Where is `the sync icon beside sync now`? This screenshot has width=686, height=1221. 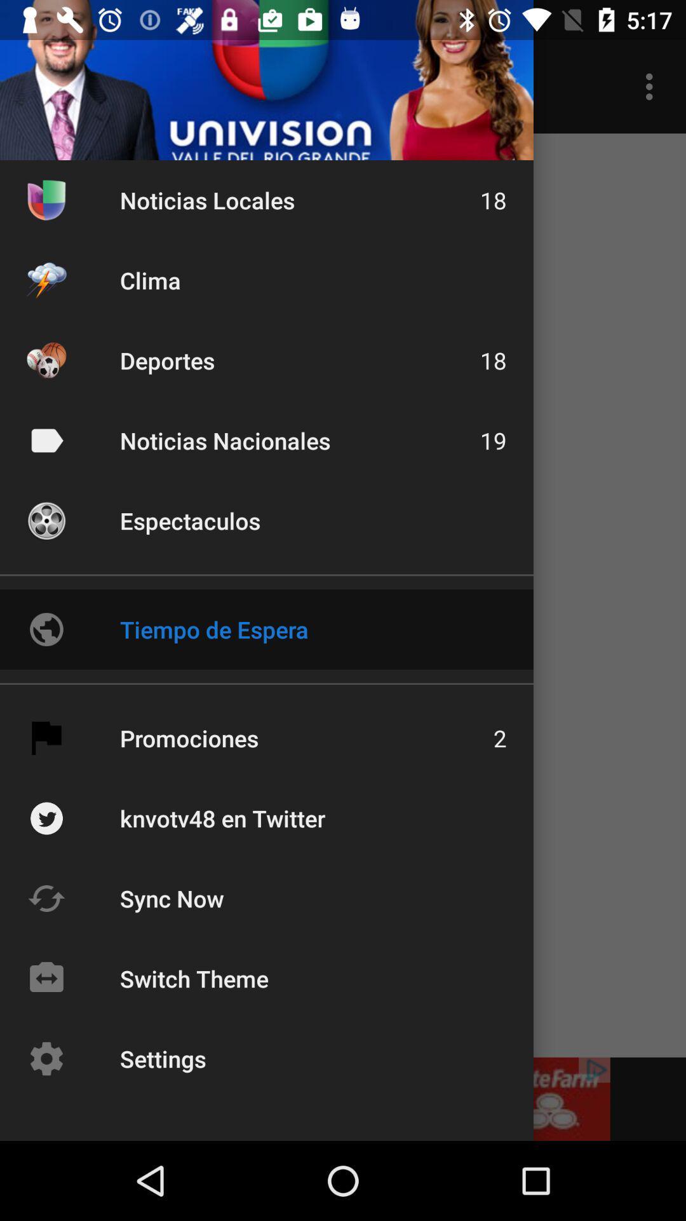 the sync icon beside sync now is located at coordinates (46, 897).